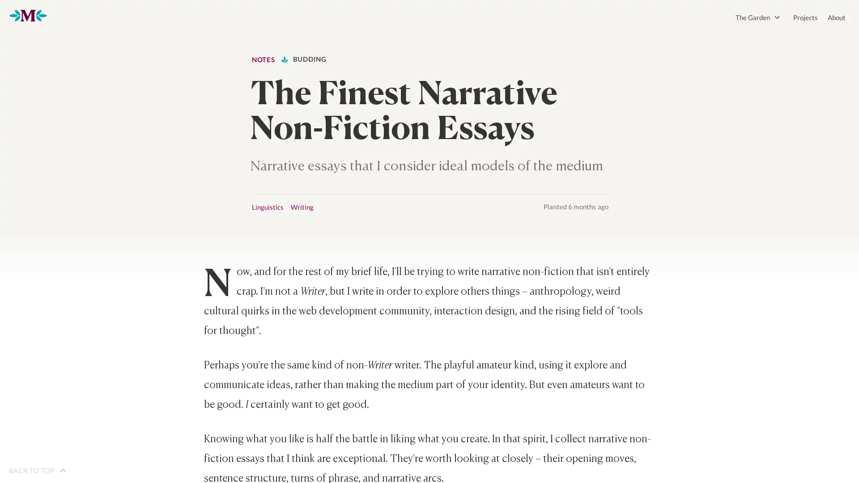 This screenshot has width=859, height=483. I want to click on The Garden, so click(753, 17).